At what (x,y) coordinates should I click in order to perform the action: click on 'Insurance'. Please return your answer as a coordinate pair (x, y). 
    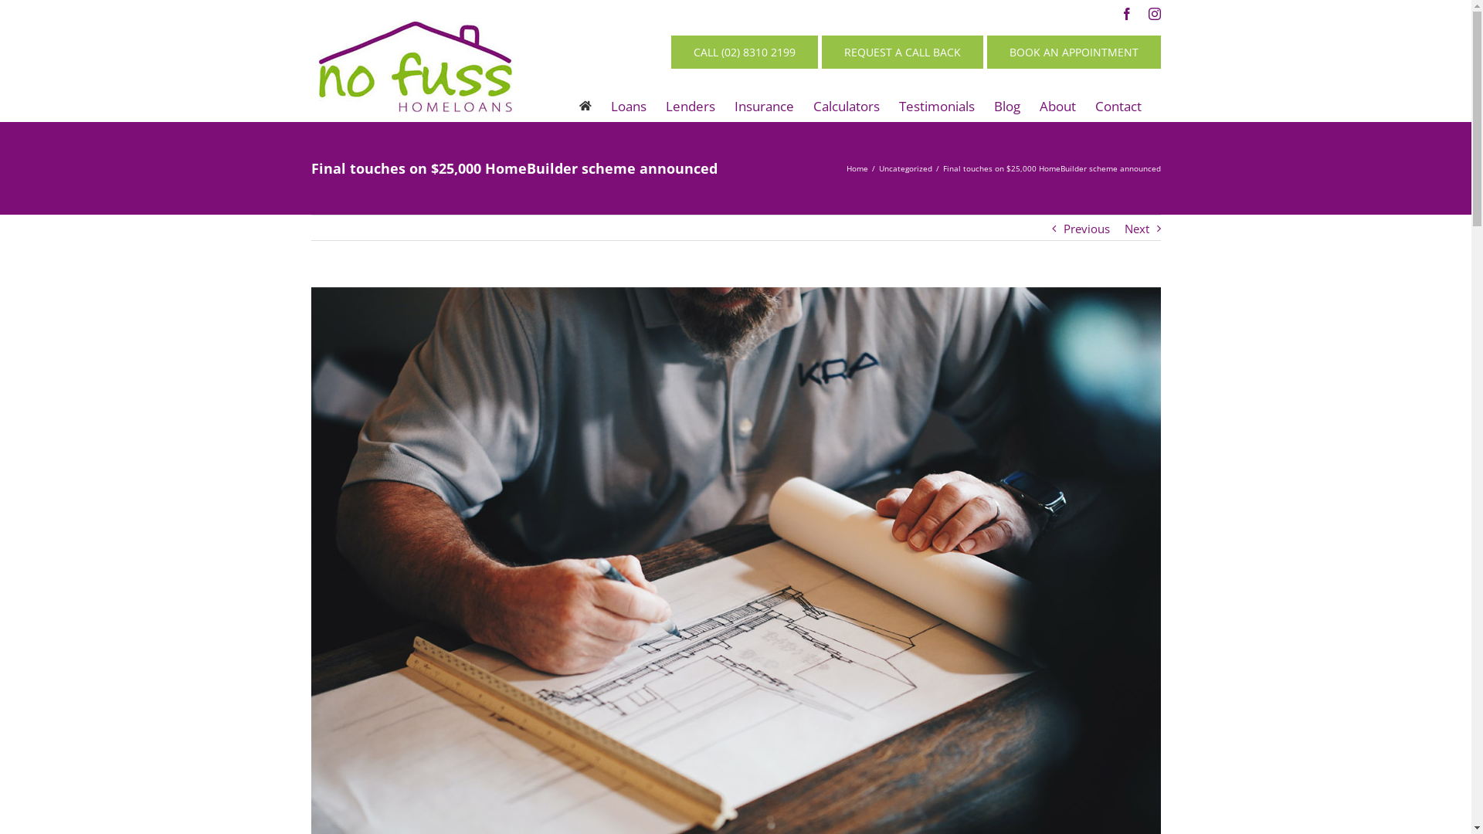
    Looking at the image, I should click on (763, 105).